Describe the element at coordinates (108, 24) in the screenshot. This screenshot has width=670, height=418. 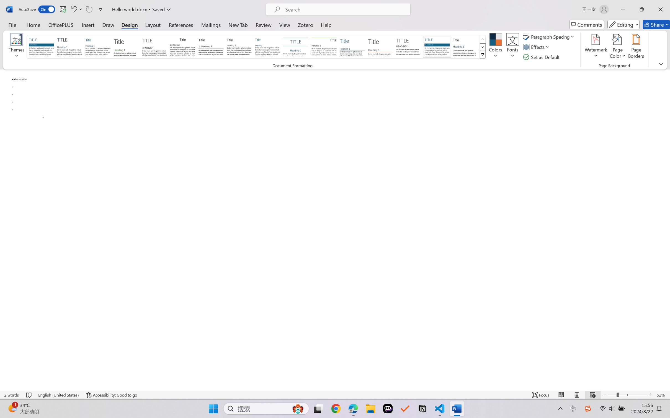
I see `'Draw'` at that location.